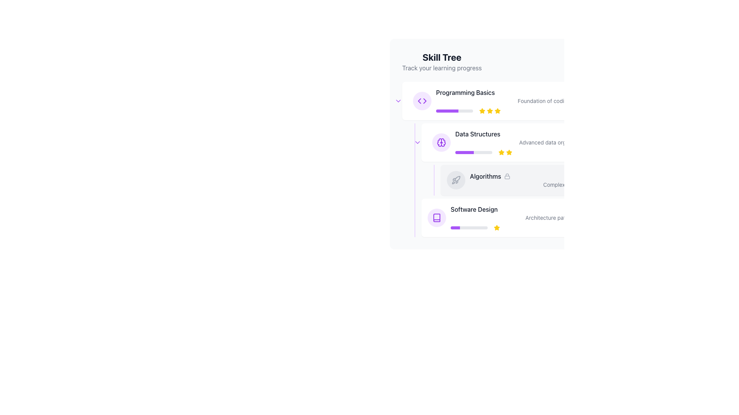  I want to click on the Content card displaying information about the 'Software Design' skill, which is the third card in the vertical stack of skills, so click(553, 218).